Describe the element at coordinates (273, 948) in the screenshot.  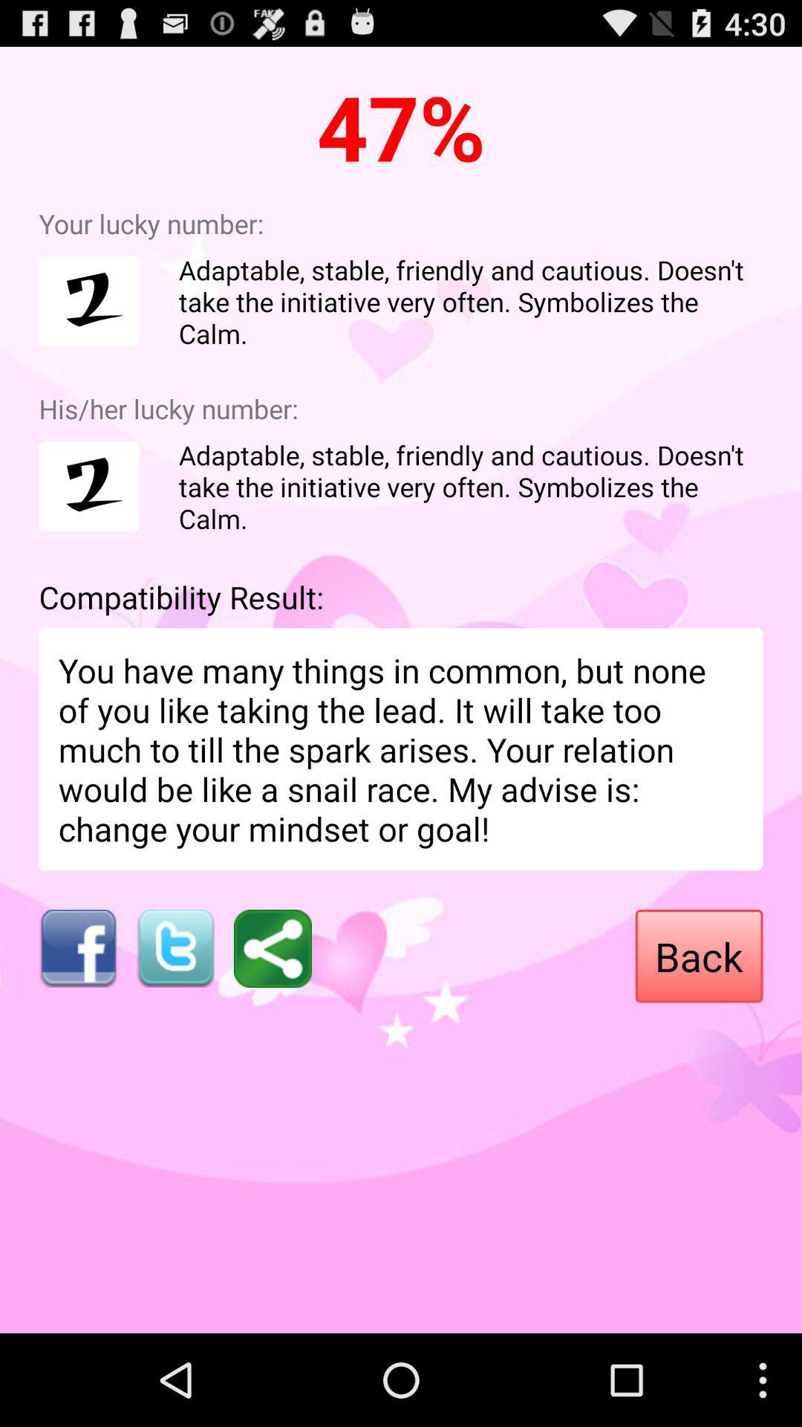
I see `share the article` at that location.